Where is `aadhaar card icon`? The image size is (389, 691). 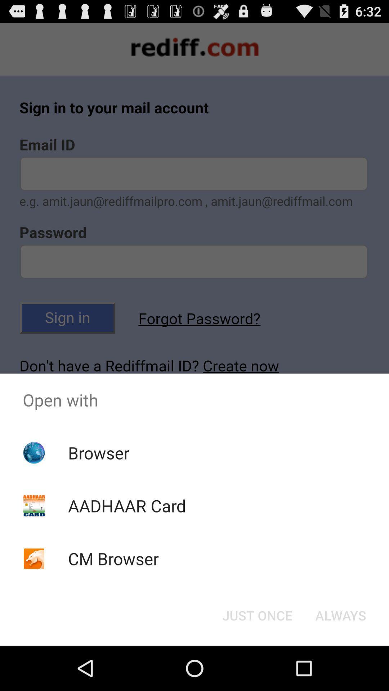
aadhaar card icon is located at coordinates (126, 505).